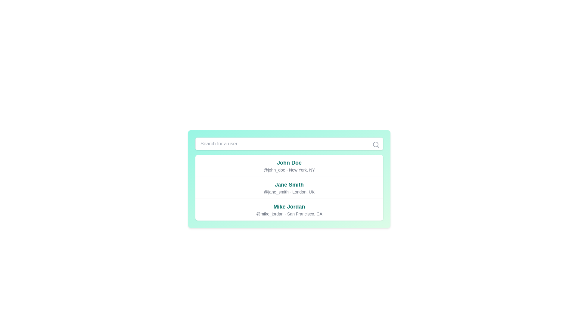 This screenshot has width=578, height=325. What do you see at coordinates (289, 209) in the screenshot?
I see `the text display that identifies and displays the contact named Mike Jordan, which is the third item in a vertically-stacked list within a card, located between 'Jane Smith @jane_smith - London, UK' and the bottom edge of the card` at bounding box center [289, 209].